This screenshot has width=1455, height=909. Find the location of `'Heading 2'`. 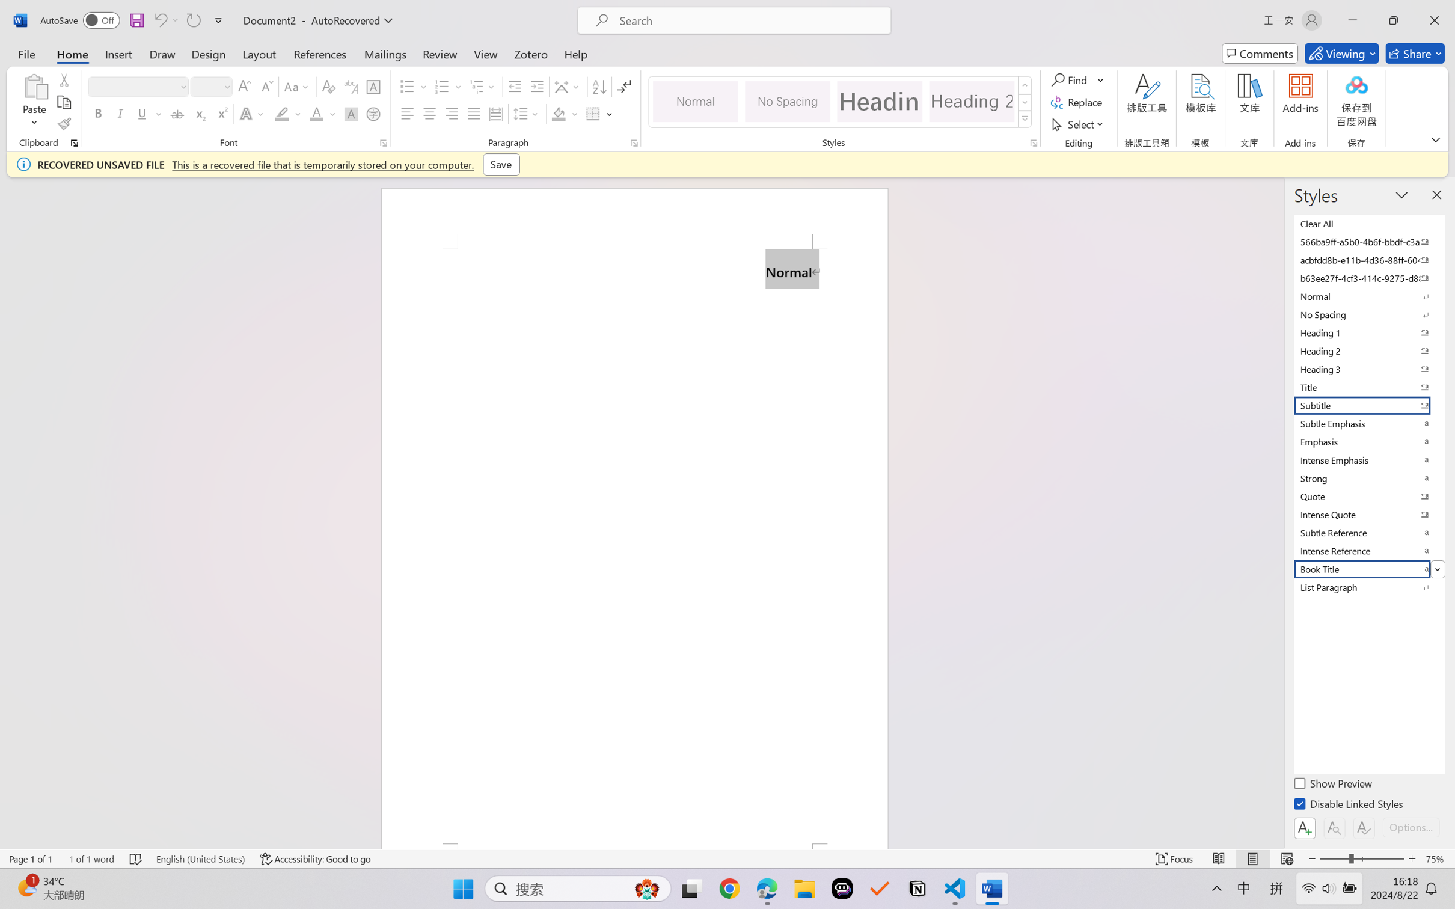

'Heading 2' is located at coordinates (972, 101).